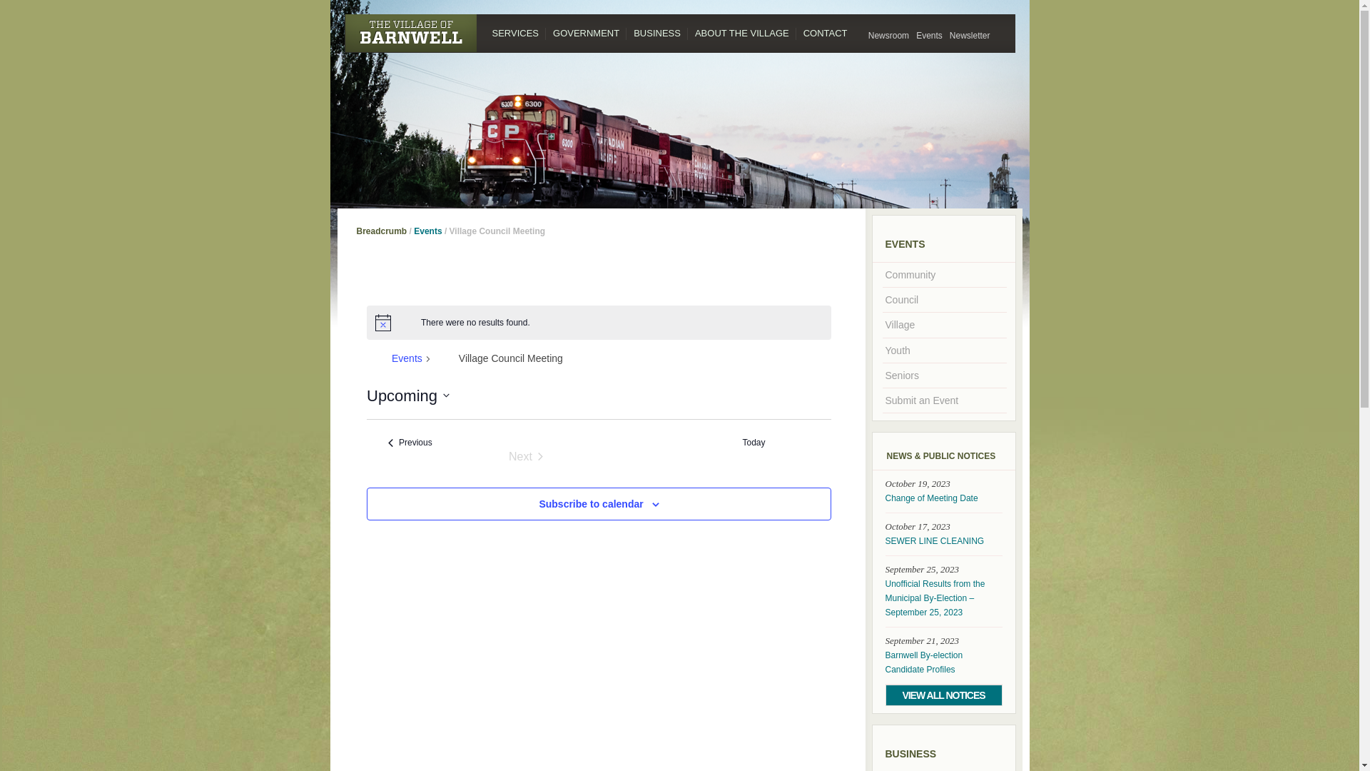 The height and width of the screenshot is (771, 1370). What do you see at coordinates (943, 299) in the screenshot?
I see `'Council'` at bounding box center [943, 299].